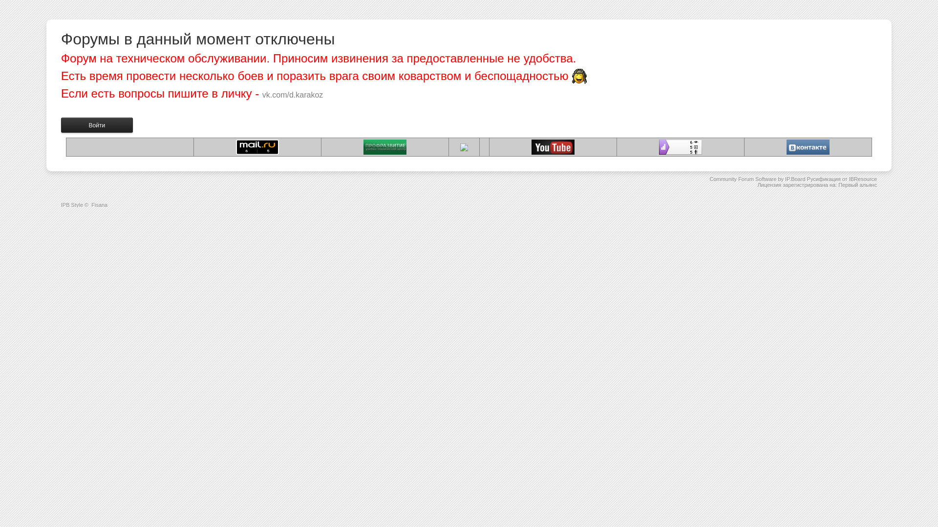  Describe the element at coordinates (709, 179) in the screenshot. I see `'Community Forum Software by IP.Board'` at that location.